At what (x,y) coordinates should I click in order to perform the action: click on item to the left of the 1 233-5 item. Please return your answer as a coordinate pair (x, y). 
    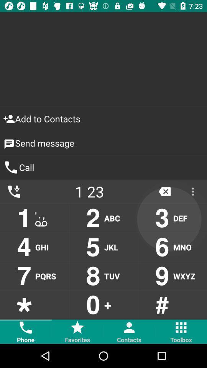
    Looking at the image, I should click on (14, 191).